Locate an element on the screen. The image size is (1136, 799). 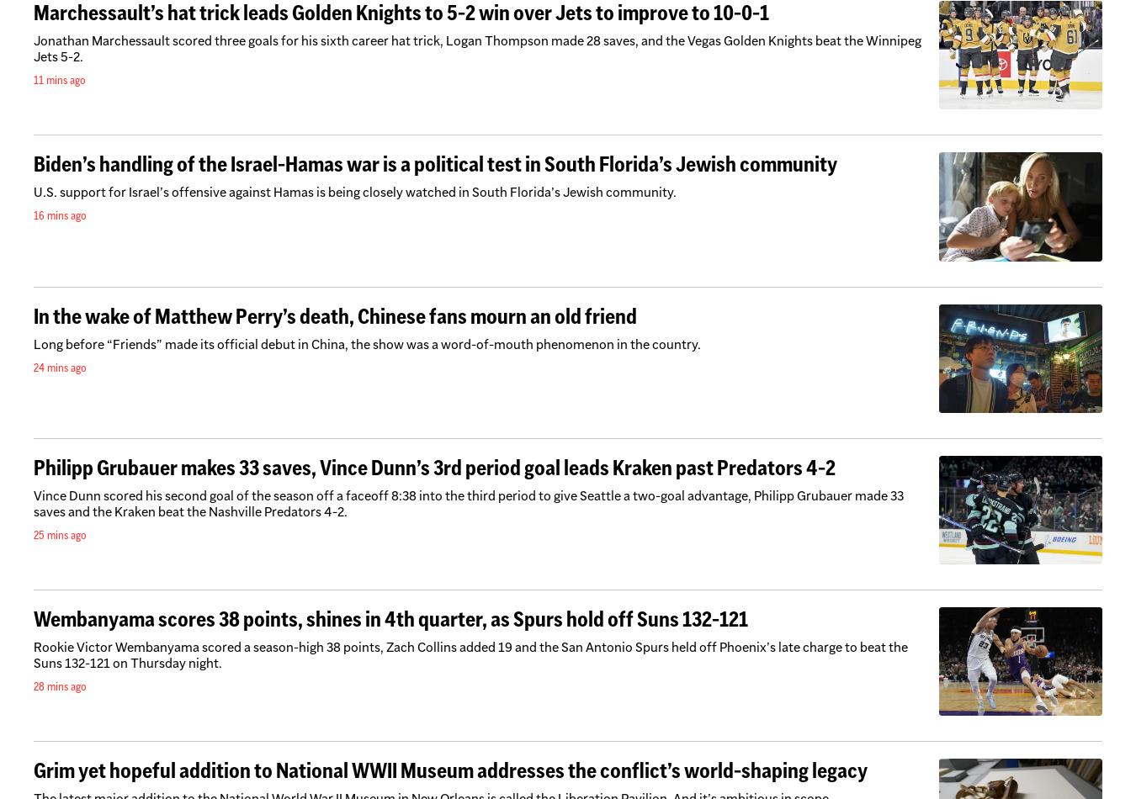
'Jonathan Marchessault scored three goals for his sixth career hat trick, Logan Thompson made 28 saves, and the Vegas Golden Knights beat the Winnipeg Jets 5-2.' is located at coordinates (477, 49).